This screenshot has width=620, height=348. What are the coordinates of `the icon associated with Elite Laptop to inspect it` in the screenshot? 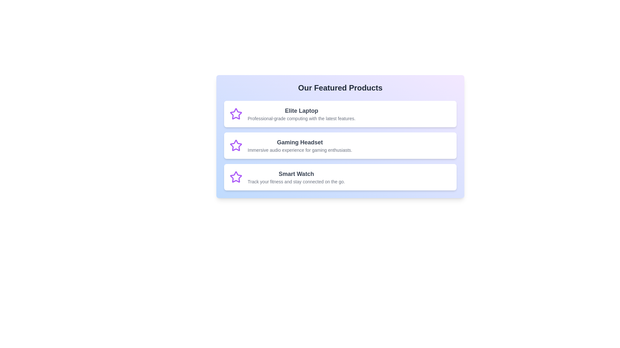 It's located at (235, 114).